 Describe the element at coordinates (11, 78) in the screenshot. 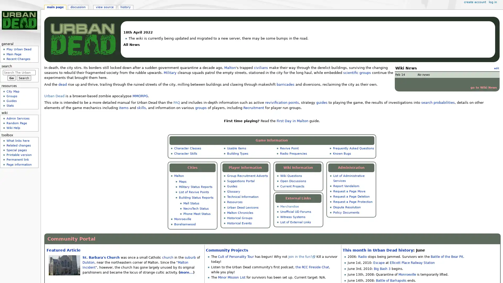

I see `Go` at that location.